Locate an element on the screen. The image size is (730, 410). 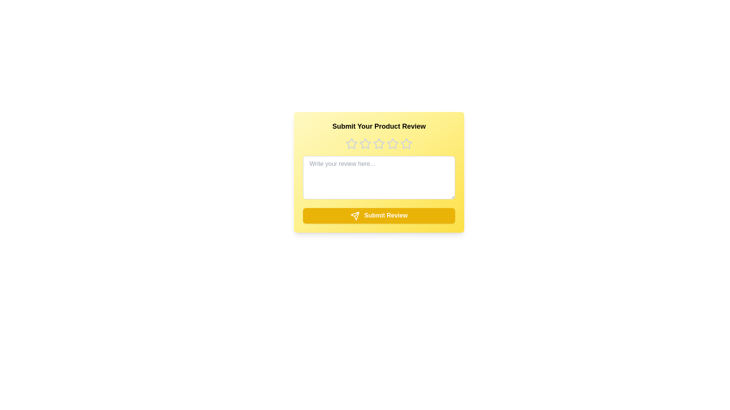
the graphical icon component that represents actions or navigation cues tied to a submission operation, located right before the 'Submit Review' button in the yellow action area is located at coordinates (354, 216).